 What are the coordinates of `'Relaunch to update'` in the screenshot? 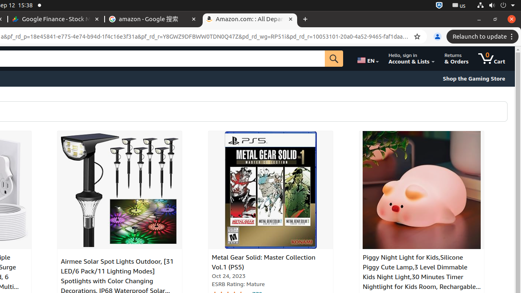 It's located at (484, 37).